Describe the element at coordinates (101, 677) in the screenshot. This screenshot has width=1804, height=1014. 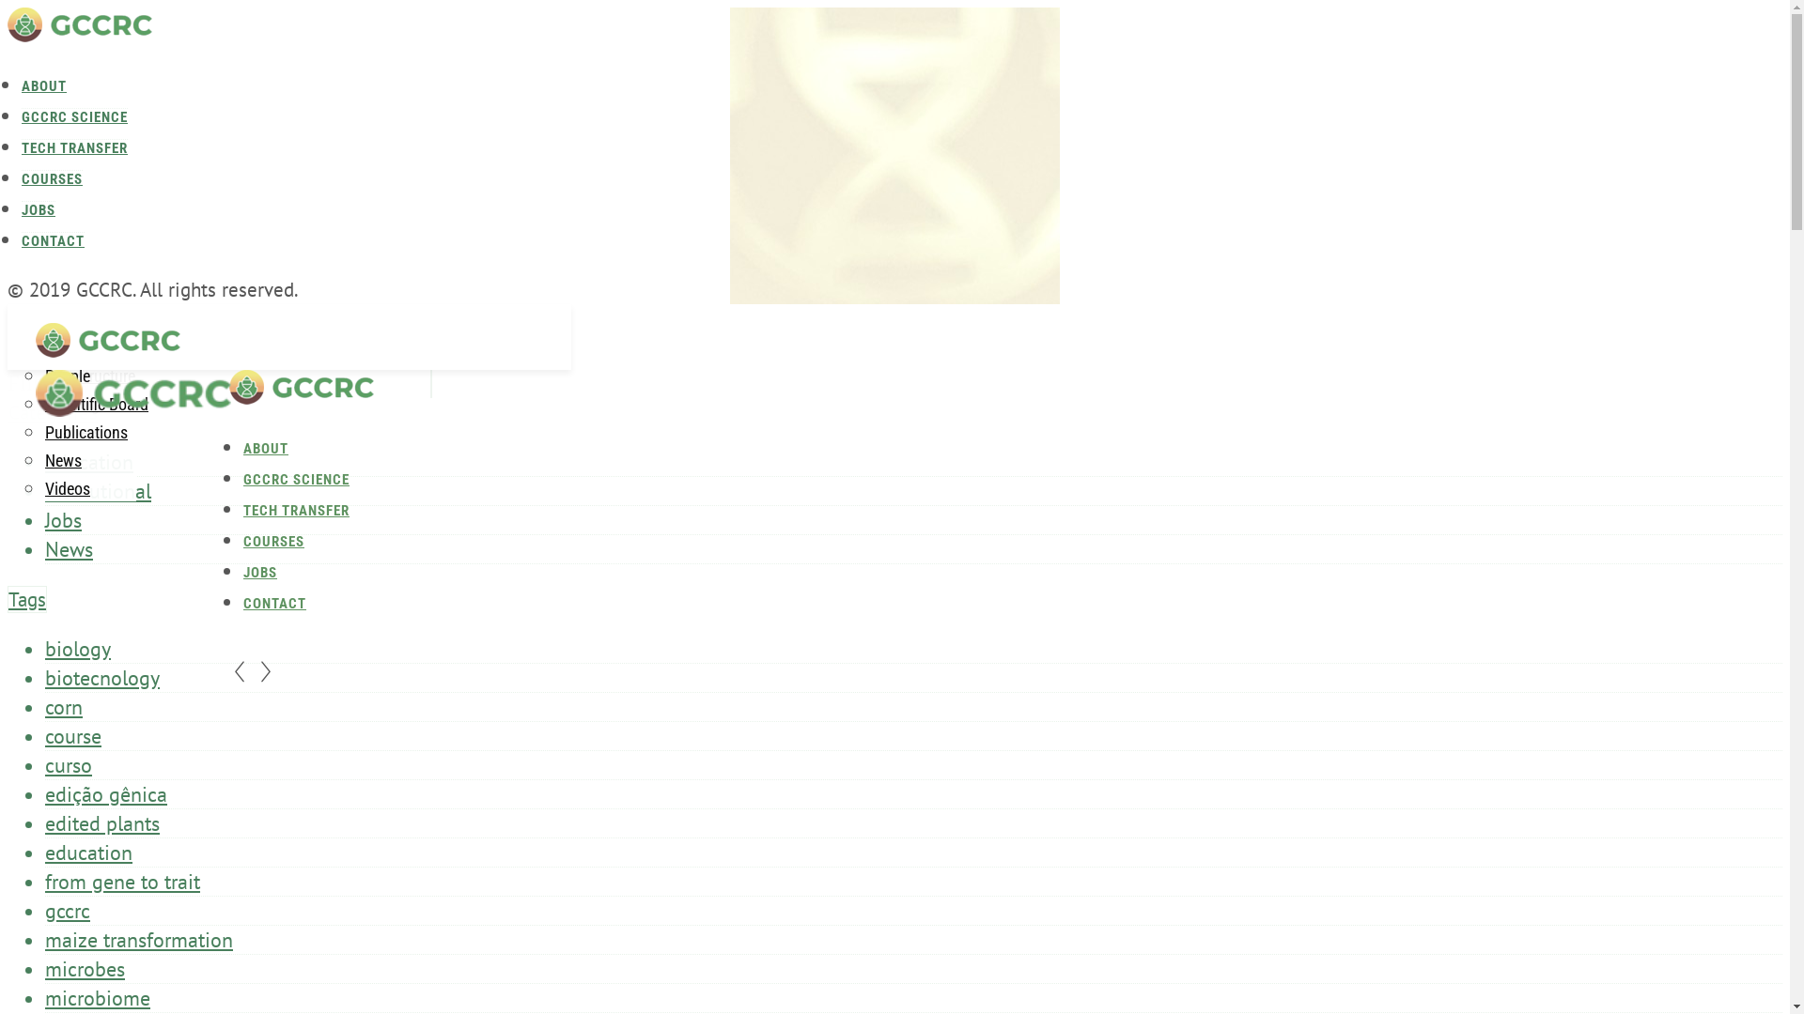
I see `'biotecnology'` at that location.